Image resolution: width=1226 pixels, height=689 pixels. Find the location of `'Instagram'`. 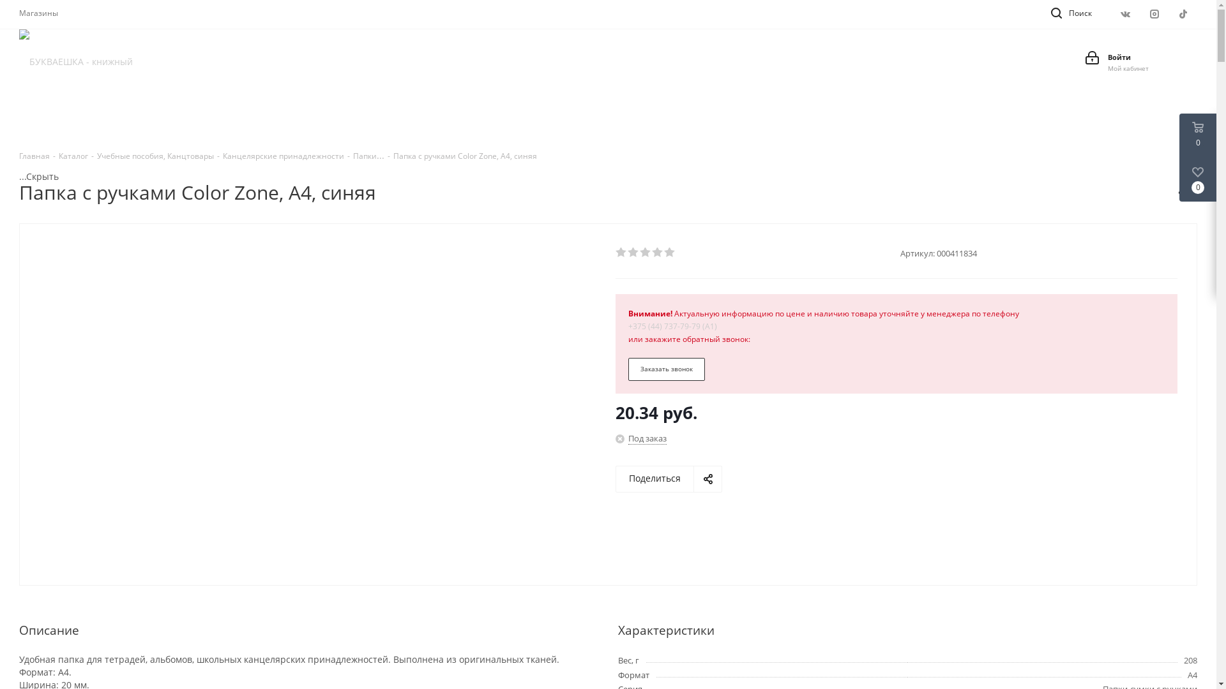

'Instagram' is located at coordinates (1154, 14).